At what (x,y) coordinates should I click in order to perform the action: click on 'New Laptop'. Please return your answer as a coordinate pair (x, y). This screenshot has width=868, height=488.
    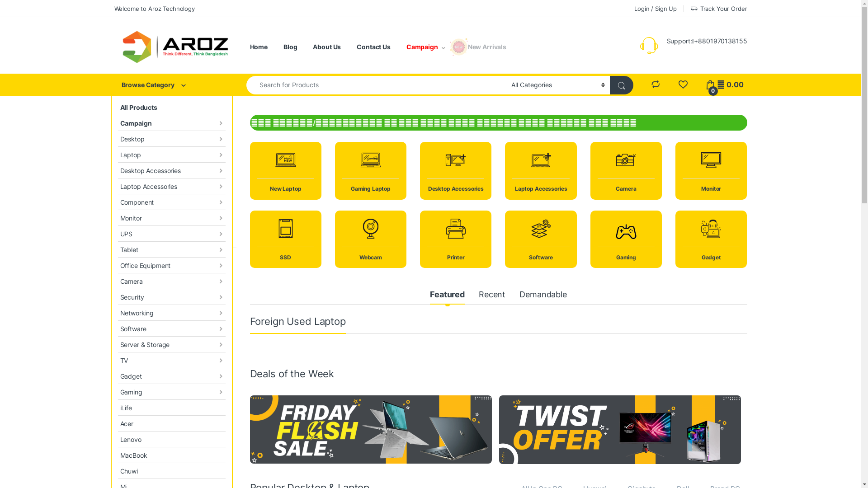
    Looking at the image, I should click on (284, 170).